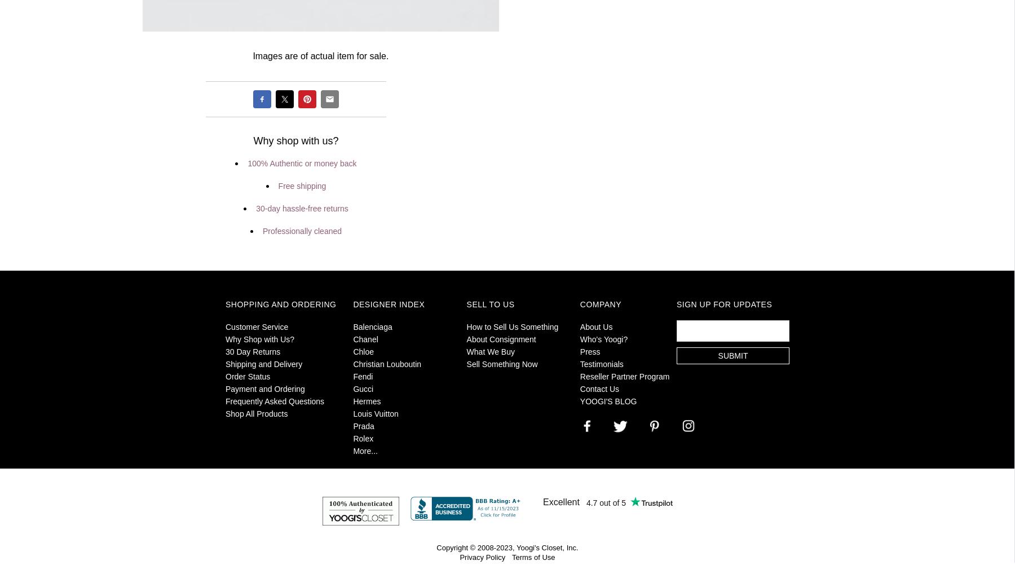  I want to click on 'Free shipping', so click(301, 184).